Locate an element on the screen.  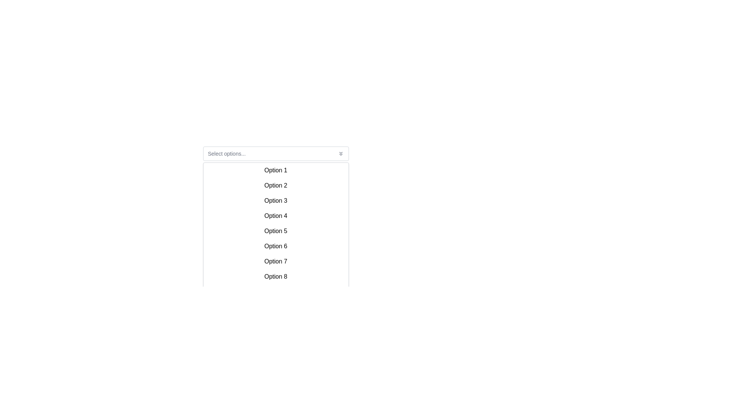
the non-interactive text element displaying 'Option 4' in the dropdown list, which is the fourth item positioned between 'Option 3' and 'Option 5' is located at coordinates (275, 216).